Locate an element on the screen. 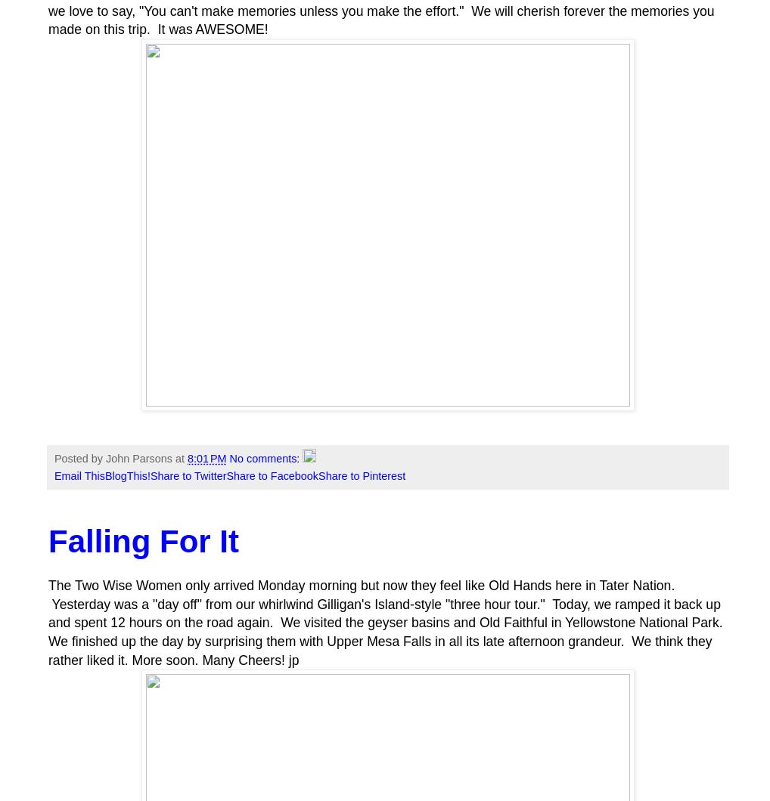 This screenshot has width=770, height=801. 'Falling For It' is located at coordinates (48, 540).